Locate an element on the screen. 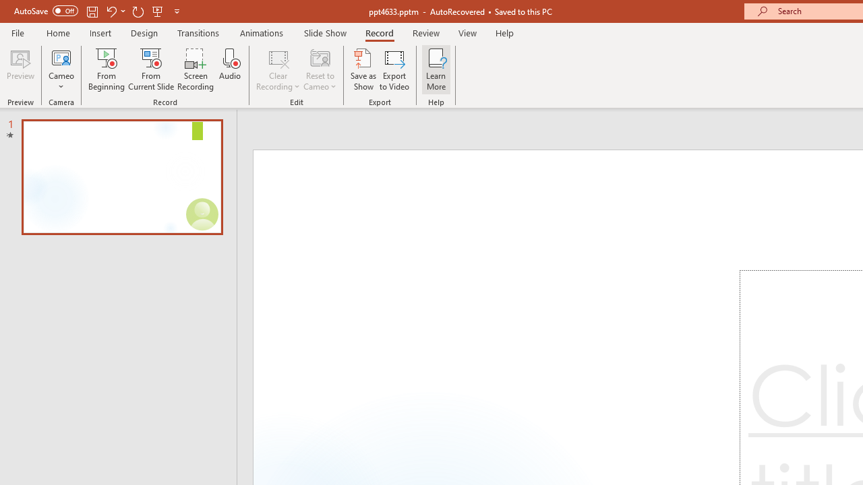  'From Current Slide...' is located at coordinates (151, 69).